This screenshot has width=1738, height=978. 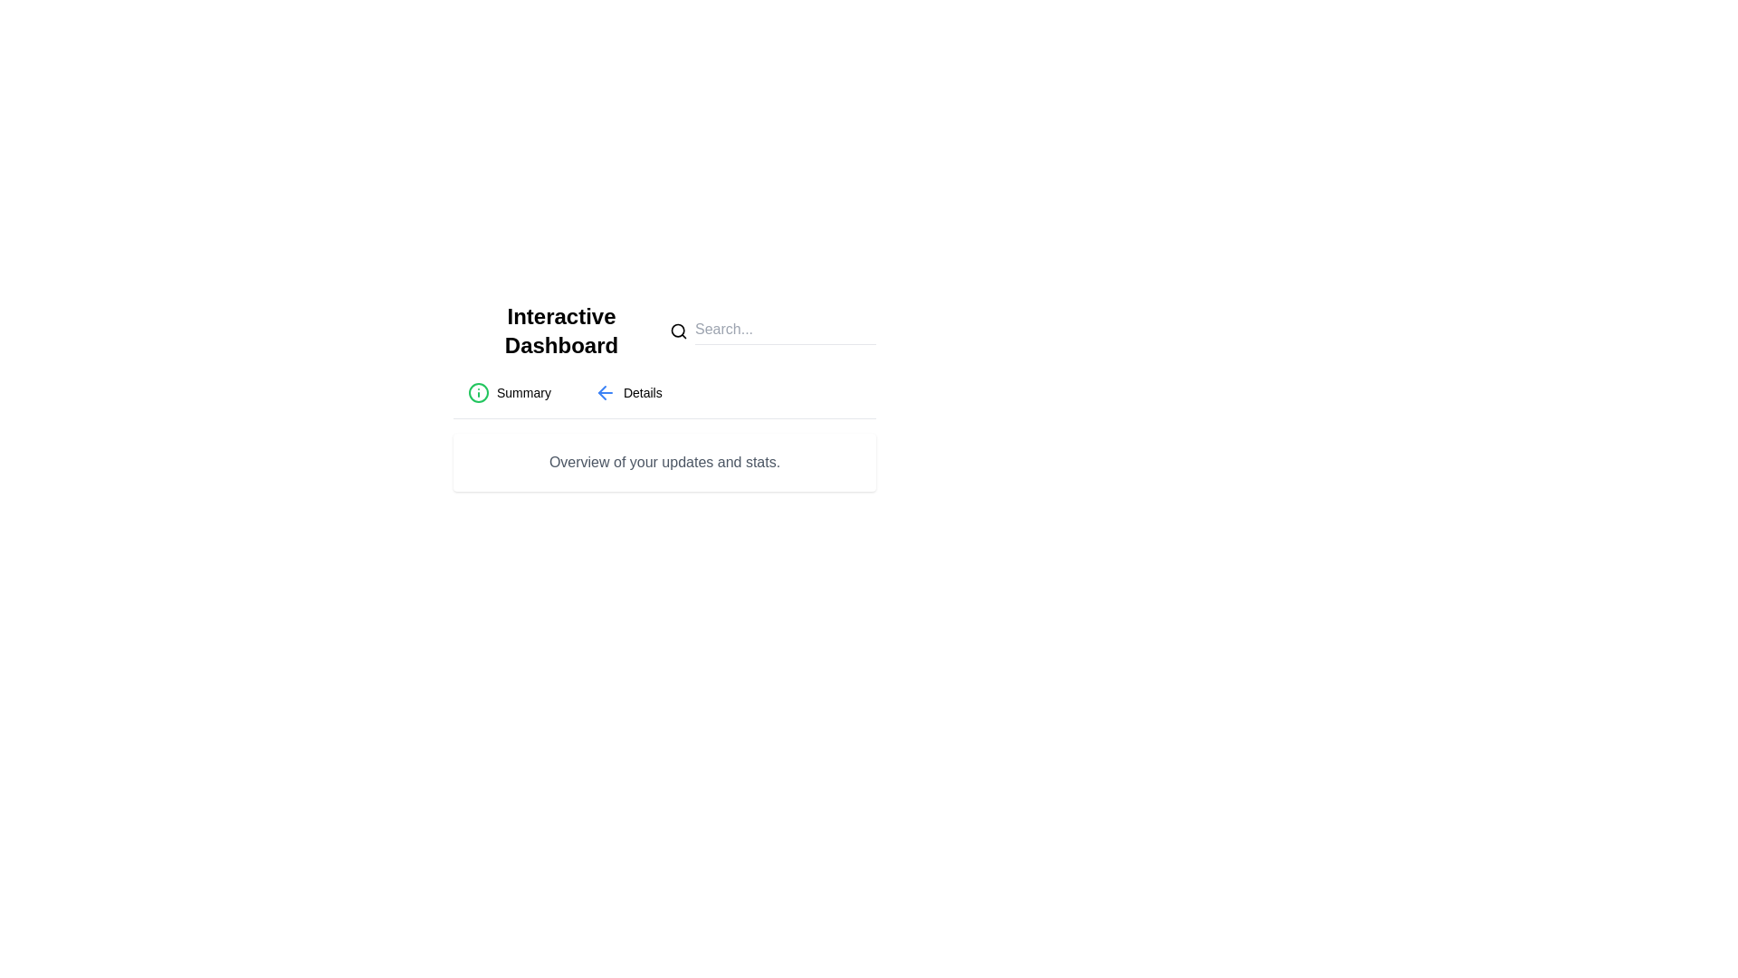 I want to click on the search input field and type the query 'example query', so click(x=786, y=331).